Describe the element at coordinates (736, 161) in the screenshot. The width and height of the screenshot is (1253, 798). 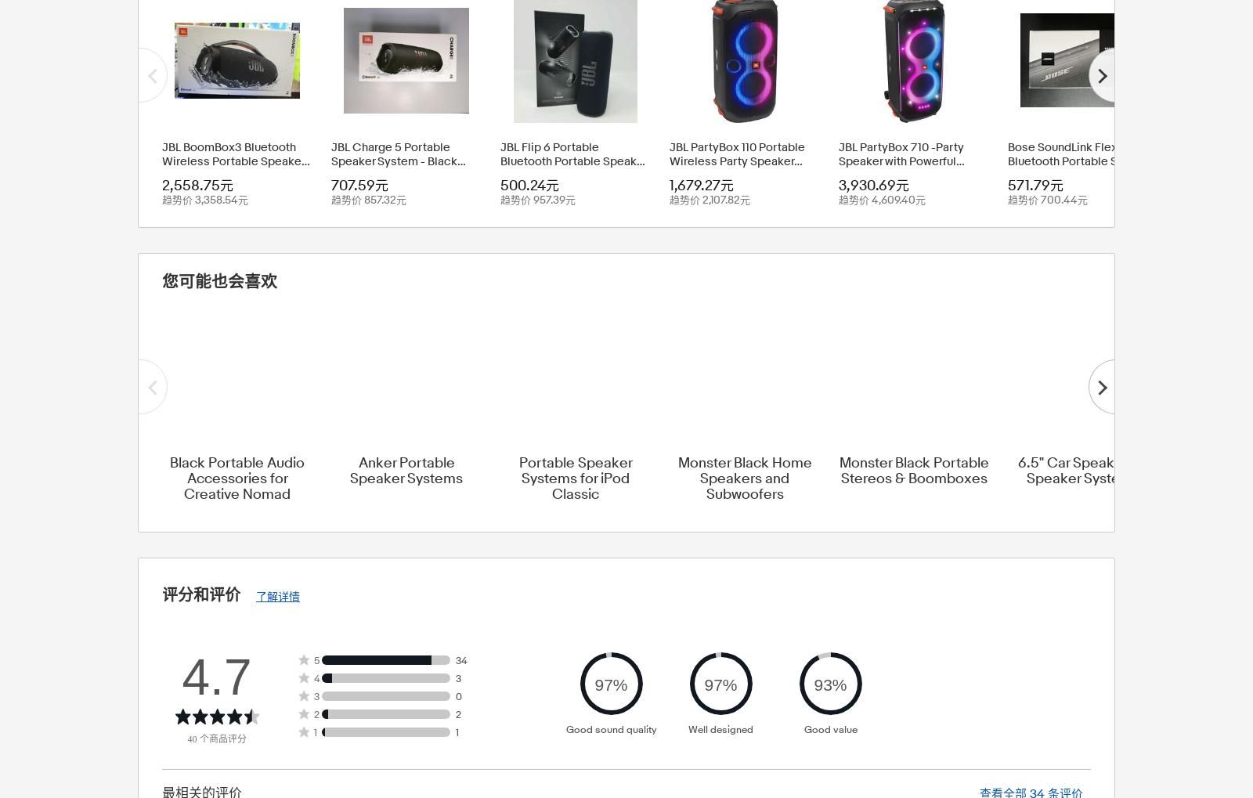
I see `'JBL PartyBox 110 Portable Wireless Party Speaker *PARTYBOX110'` at that location.